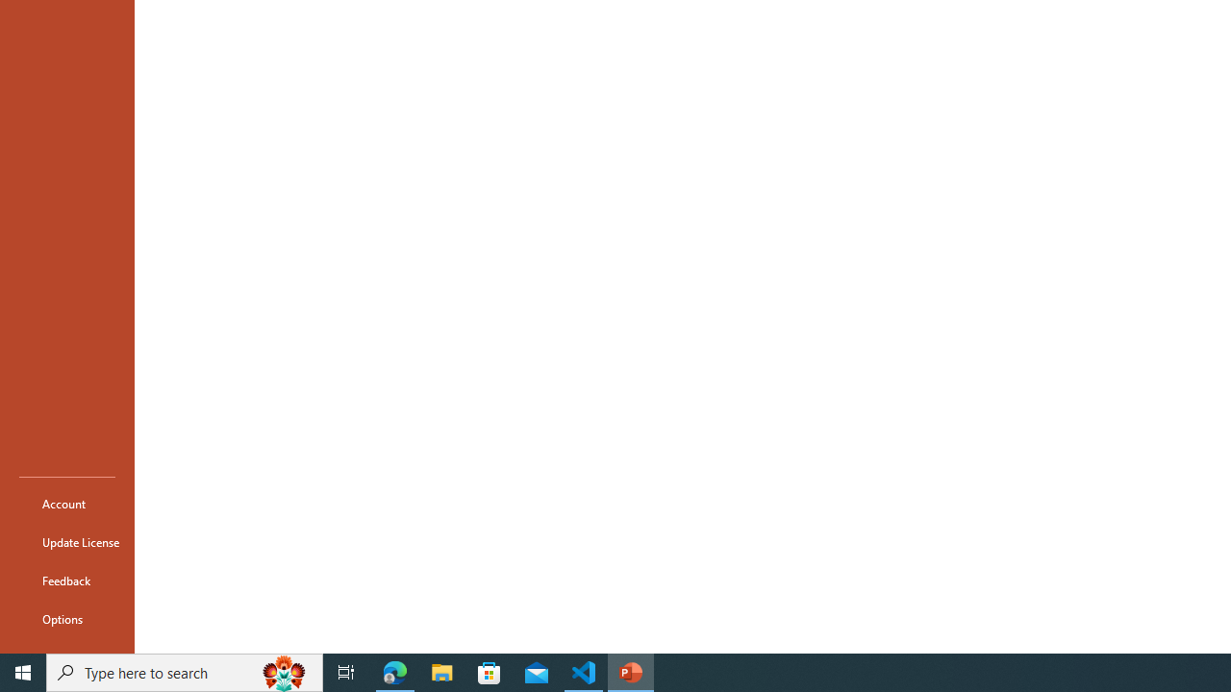 The height and width of the screenshot is (692, 1231). What do you see at coordinates (66, 542) in the screenshot?
I see `'Update License'` at bounding box center [66, 542].